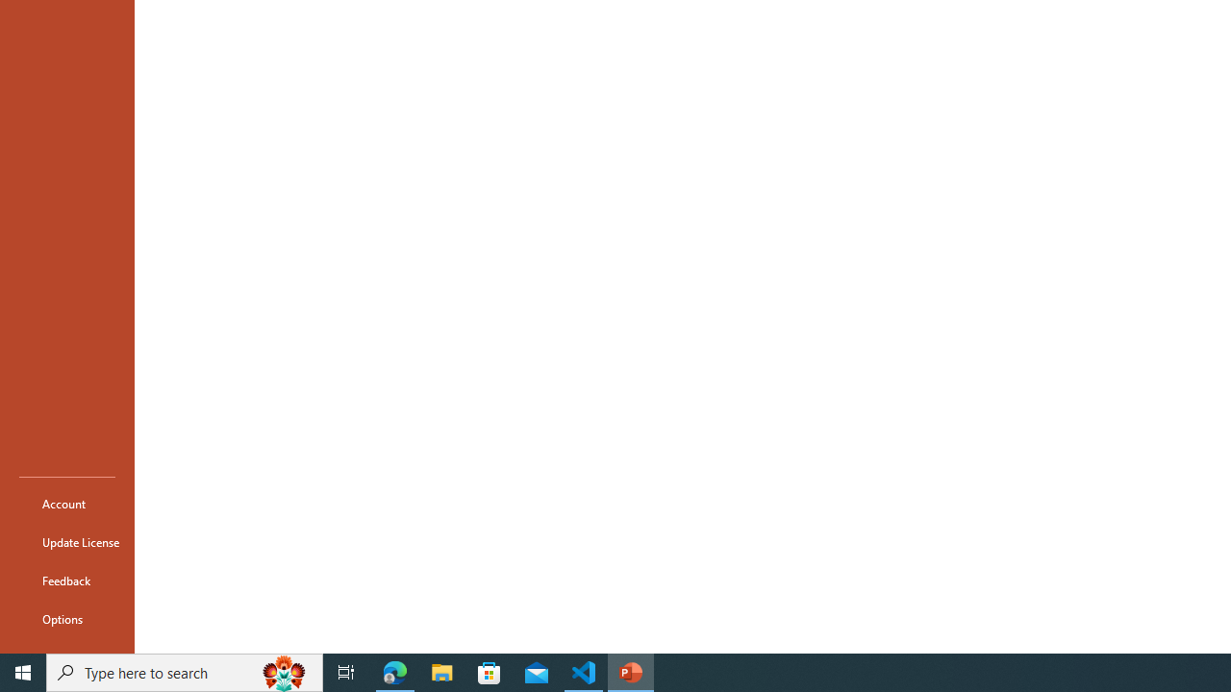 The height and width of the screenshot is (692, 1231). What do you see at coordinates (66, 542) in the screenshot?
I see `'Update License'` at bounding box center [66, 542].